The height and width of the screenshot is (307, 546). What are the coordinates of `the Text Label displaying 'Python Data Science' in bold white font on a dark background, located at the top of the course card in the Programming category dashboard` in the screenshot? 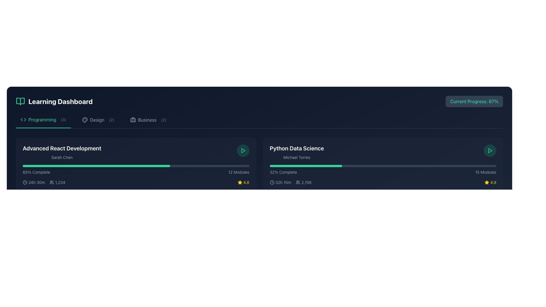 It's located at (296, 148).